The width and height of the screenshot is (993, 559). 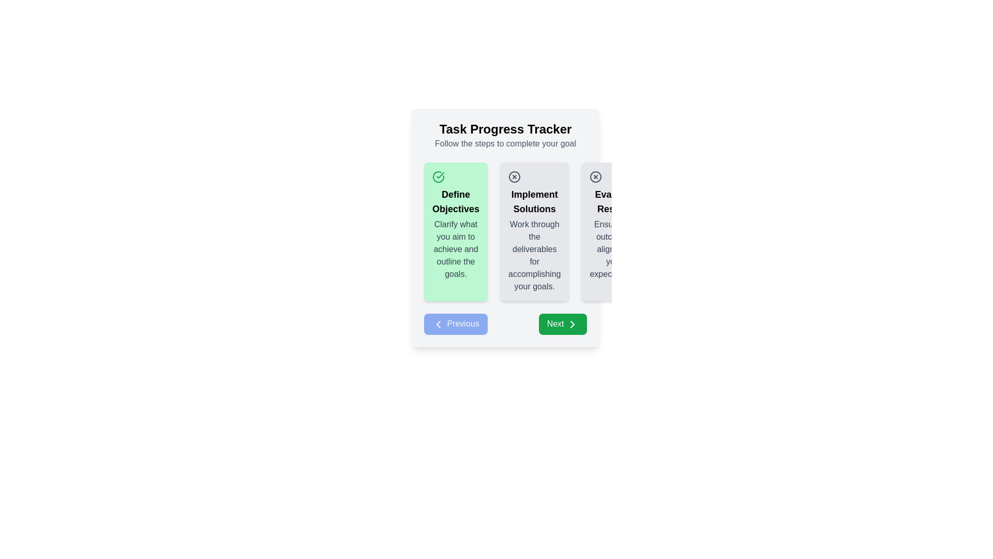 I want to click on content displayed on the second Card component in the Task Progress Tracker, which describes the step 'Implement Solutions', so click(x=505, y=231).